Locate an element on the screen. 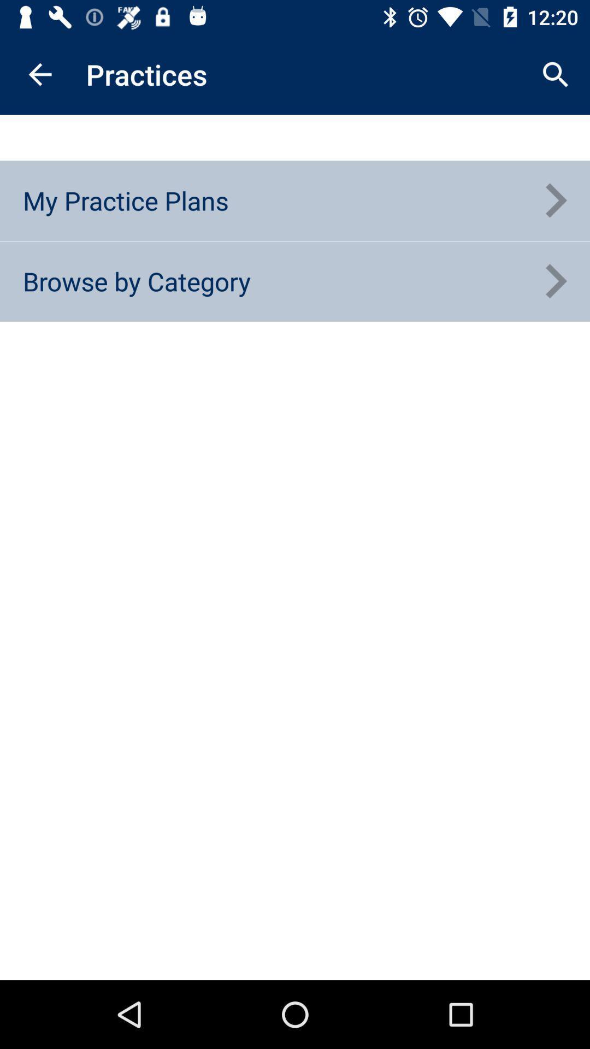 The height and width of the screenshot is (1049, 590). the icon above browse by category is located at coordinates (125, 201).